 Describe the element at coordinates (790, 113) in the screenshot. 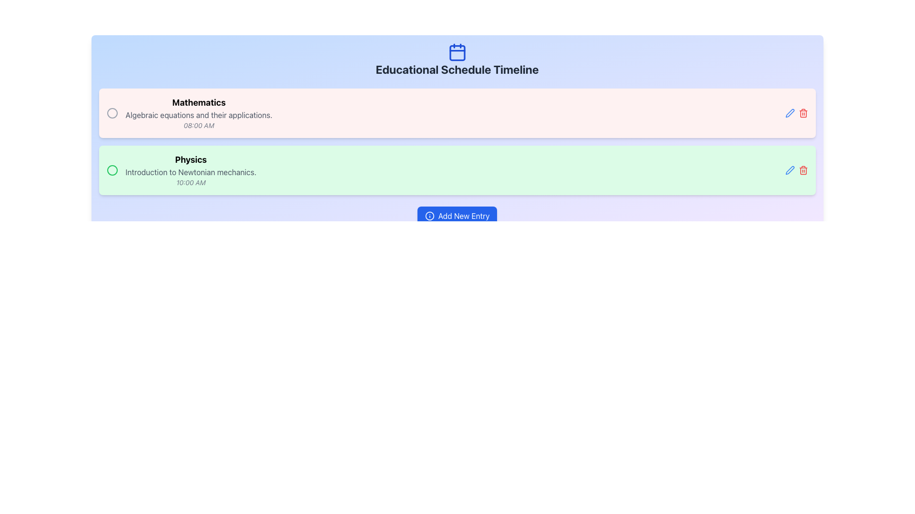

I see `the blue pen-shaped icon located on the right side of the green 'Physics' section to initiate the edit action` at that location.